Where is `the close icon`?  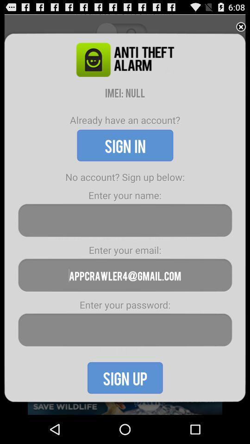 the close icon is located at coordinates (241, 29).